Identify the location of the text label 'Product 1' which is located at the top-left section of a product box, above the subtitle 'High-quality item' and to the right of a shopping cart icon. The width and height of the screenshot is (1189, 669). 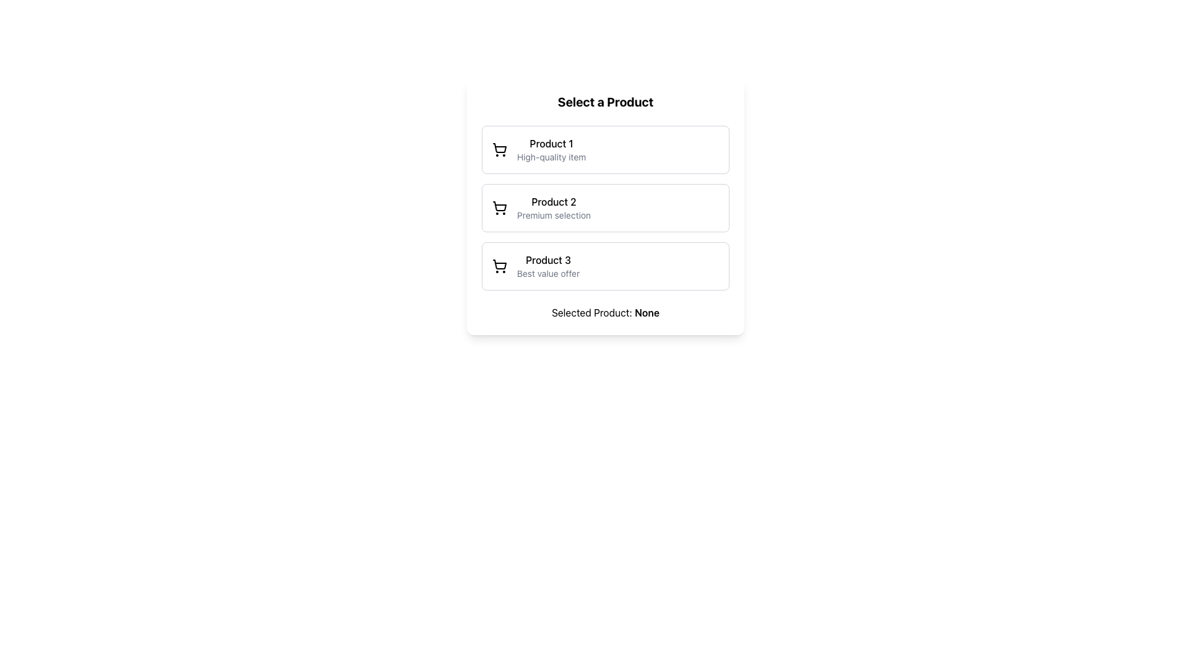
(551, 142).